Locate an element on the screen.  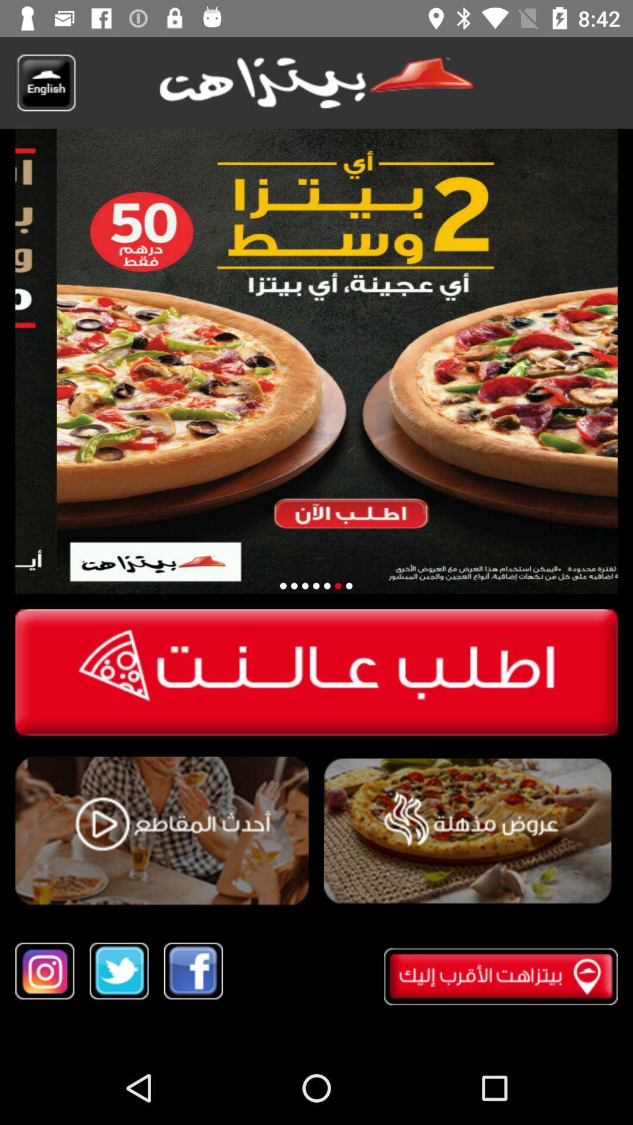
share on twitter is located at coordinates (119, 971).